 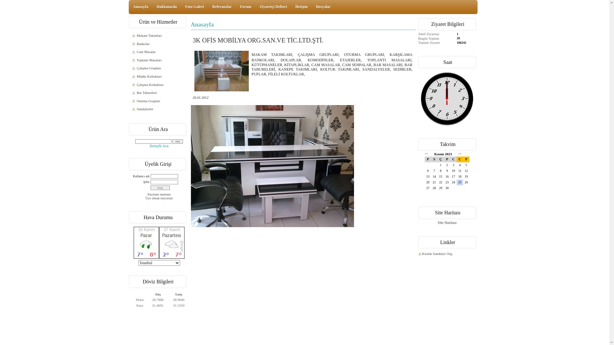 What do you see at coordinates (440, 182) in the screenshot?
I see `'22'` at bounding box center [440, 182].